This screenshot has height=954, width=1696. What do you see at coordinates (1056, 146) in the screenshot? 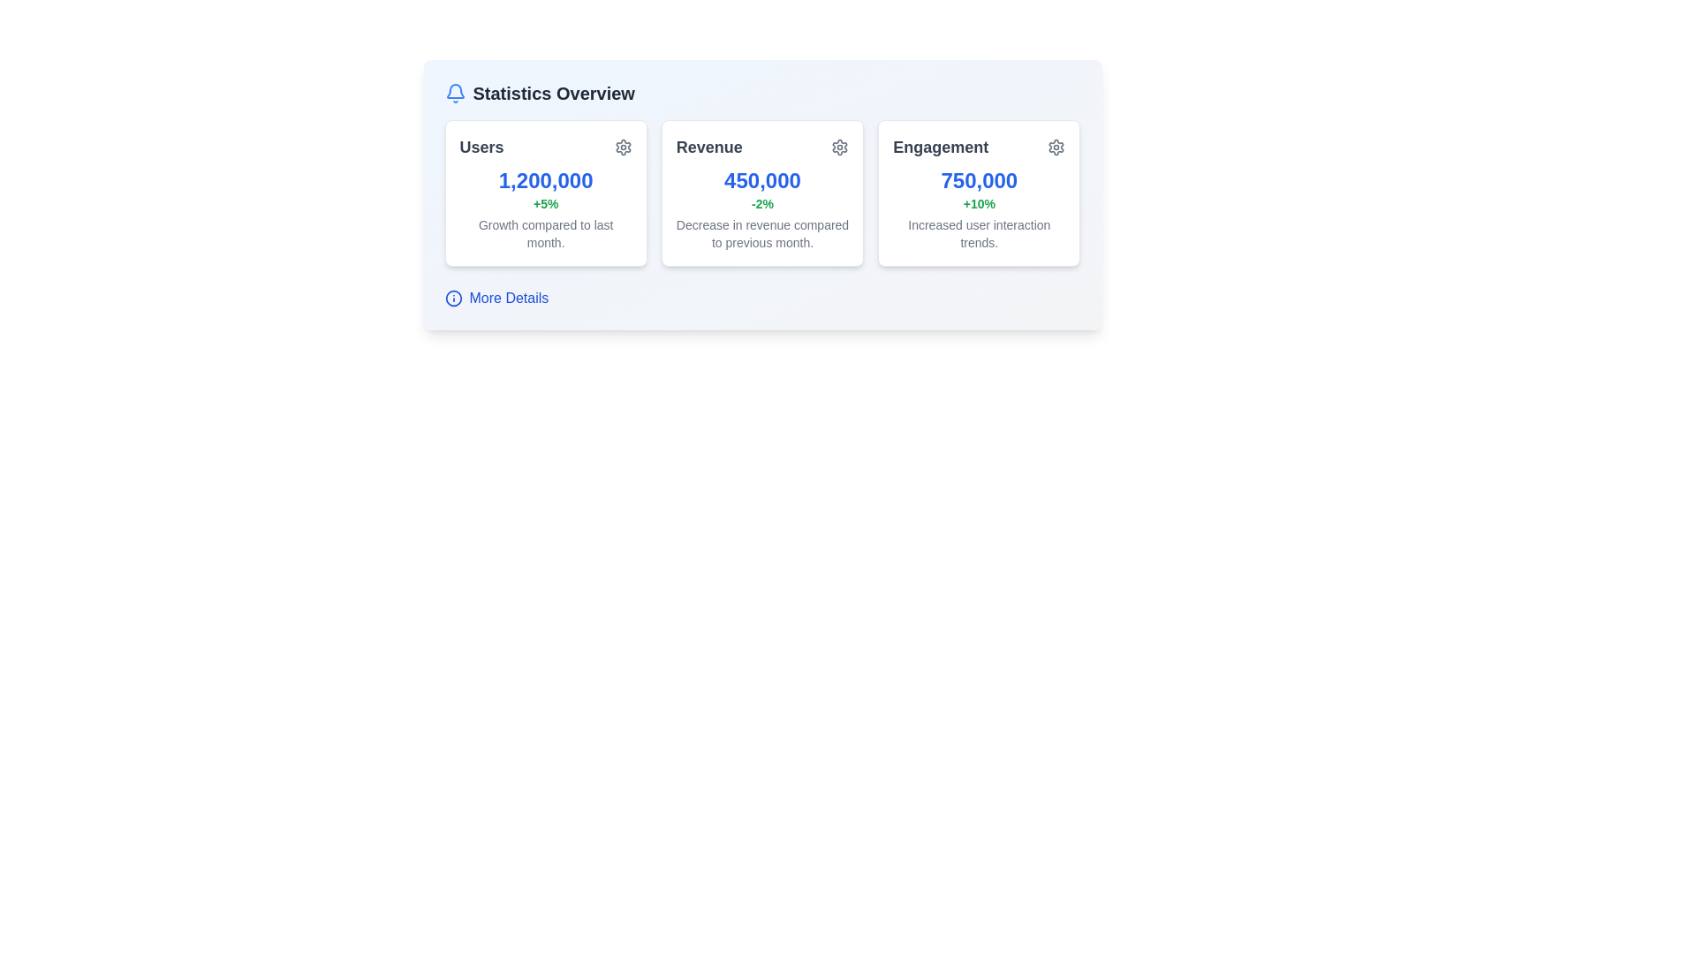
I see `the Settings icon, which is a gear-shaped graphical element located at the top-right corner of the Engagement card` at bounding box center [1056, 146].